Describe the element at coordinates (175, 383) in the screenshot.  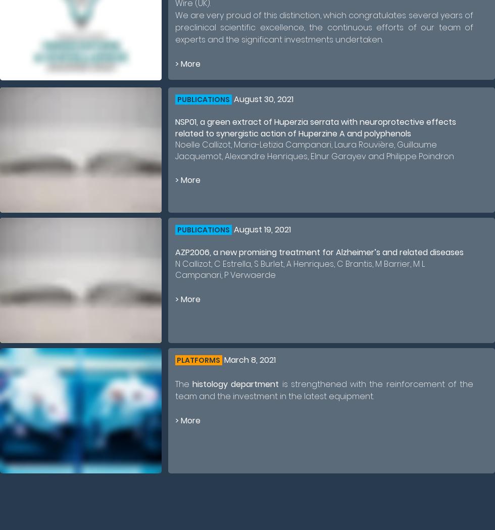
I see `'The'` at that location.